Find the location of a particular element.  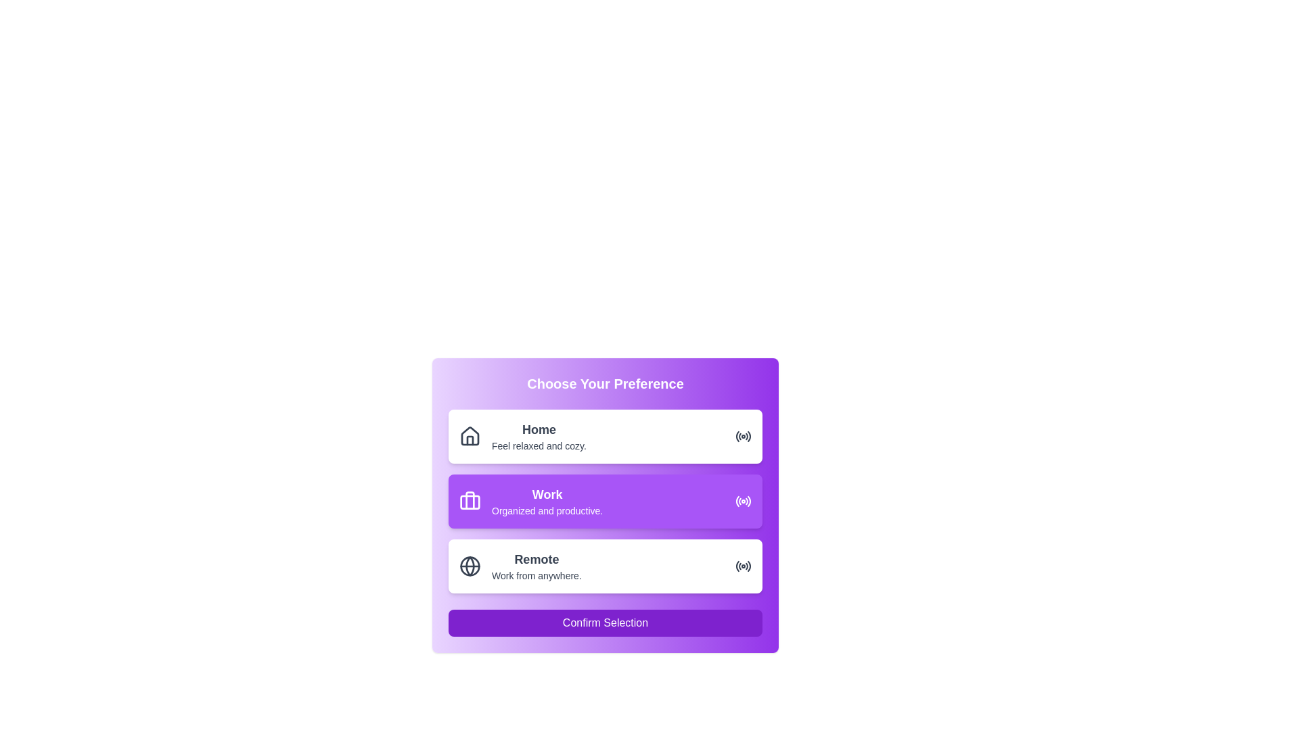

the 'Home' preference option icon located at the far right within the 'Home' option card is located at coordinates (743, 436).